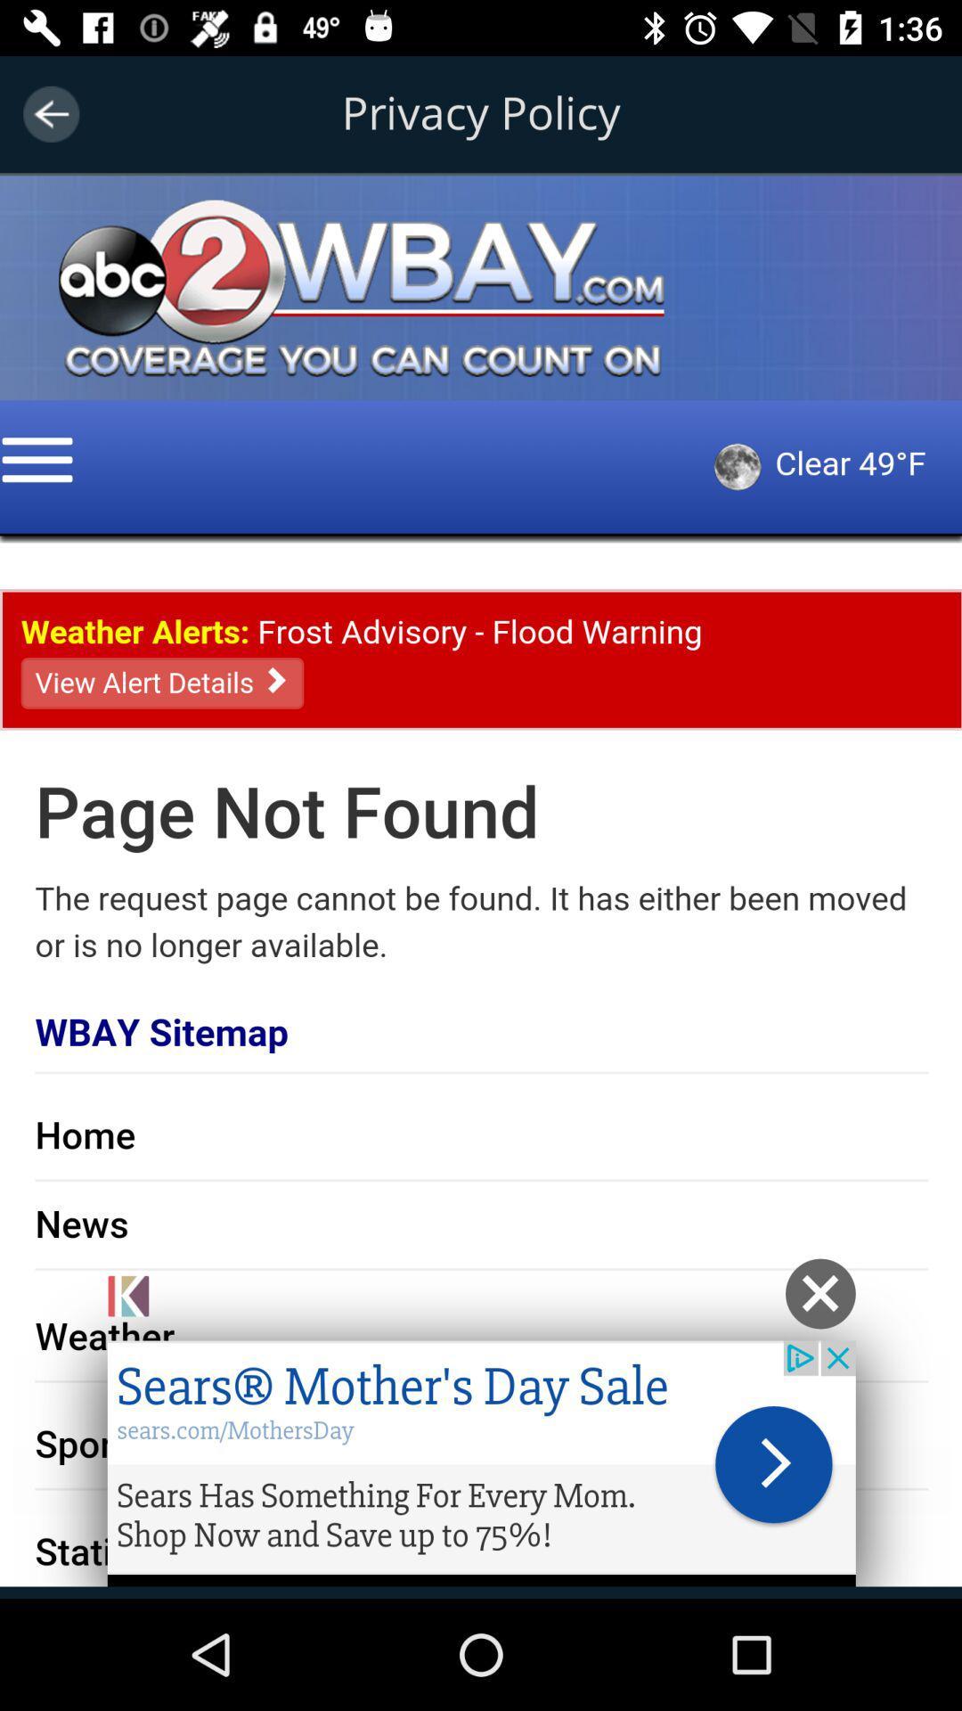 Image resolution: width=962 pixels, height=1711 pixels. Describe the element at coordinates (50, 113) in the screenshot. I see `the arrow_backward icon` at that location.